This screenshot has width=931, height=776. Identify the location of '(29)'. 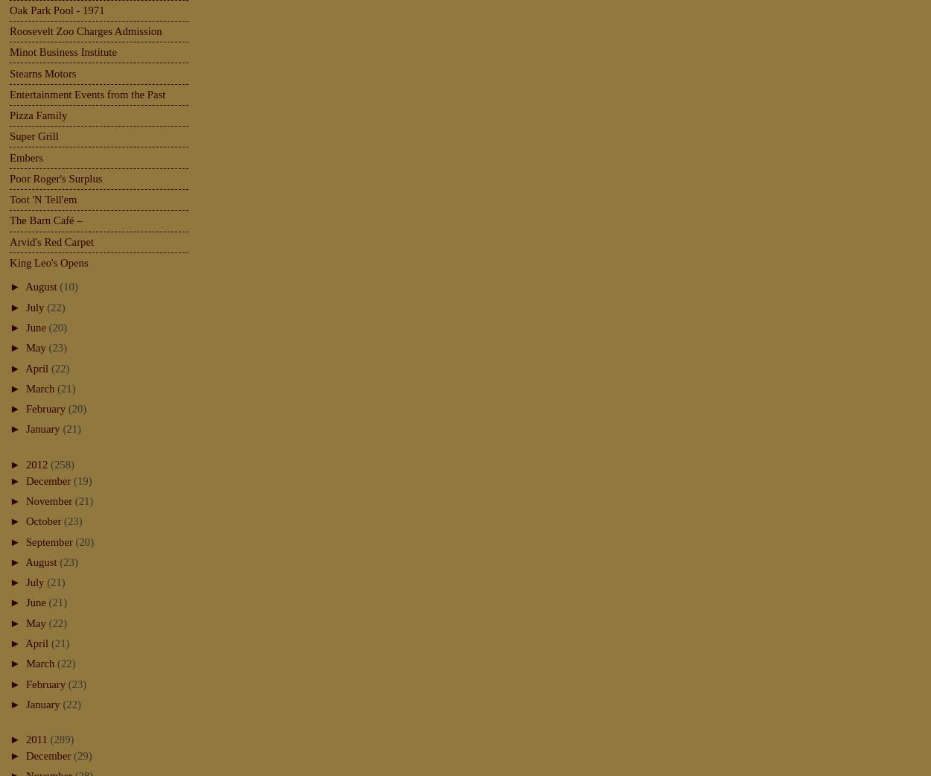
(73, 756).